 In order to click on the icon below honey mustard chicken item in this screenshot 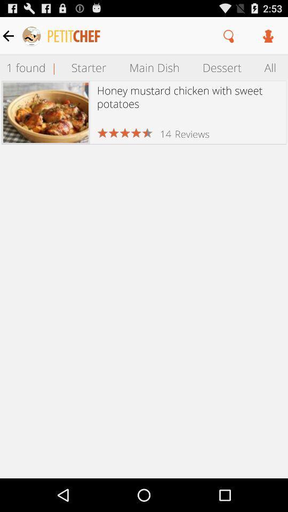, I will do `click(165, 133)`.